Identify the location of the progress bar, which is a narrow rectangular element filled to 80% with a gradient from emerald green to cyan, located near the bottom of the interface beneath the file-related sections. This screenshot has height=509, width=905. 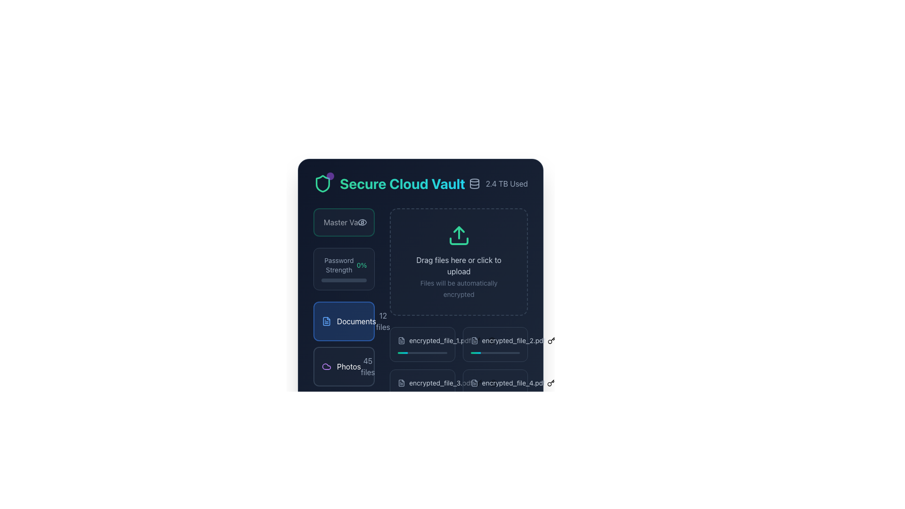
(417, 395).